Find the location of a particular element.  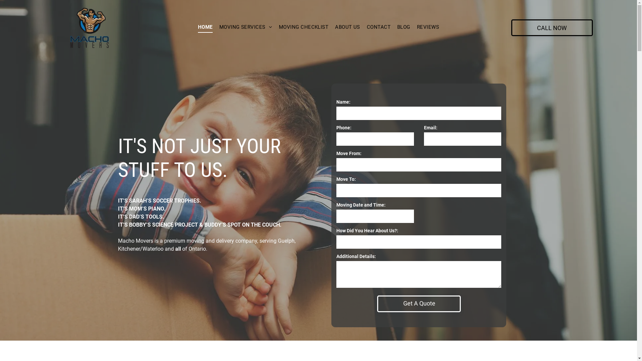

'REVIEWS' is located at coordinates (428, 27).